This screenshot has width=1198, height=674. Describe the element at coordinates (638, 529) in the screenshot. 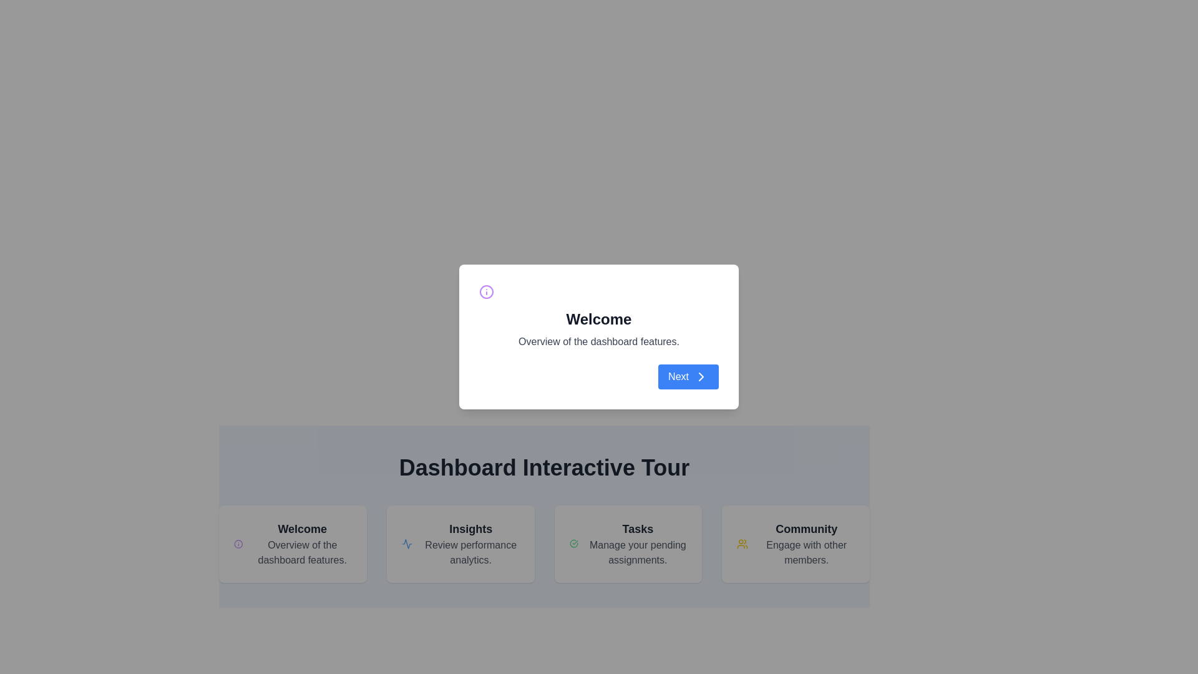

I see `the 'Tasks' label, which is styled in bold and larger font, located within the second box of the 'Dashboard Interactive Tour' section, above the text 'Manage your pending assignments.'` at that location.